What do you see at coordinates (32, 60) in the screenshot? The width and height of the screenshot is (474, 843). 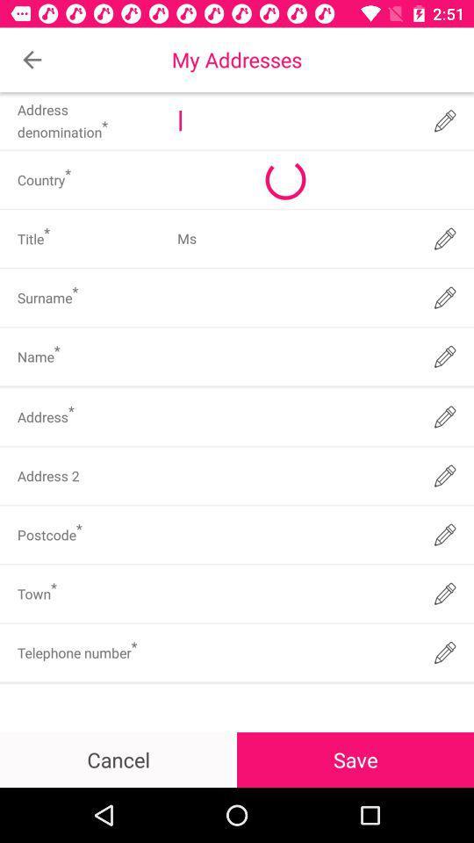 I see `icon above the address denomination*` at bounding box center [32, 60].